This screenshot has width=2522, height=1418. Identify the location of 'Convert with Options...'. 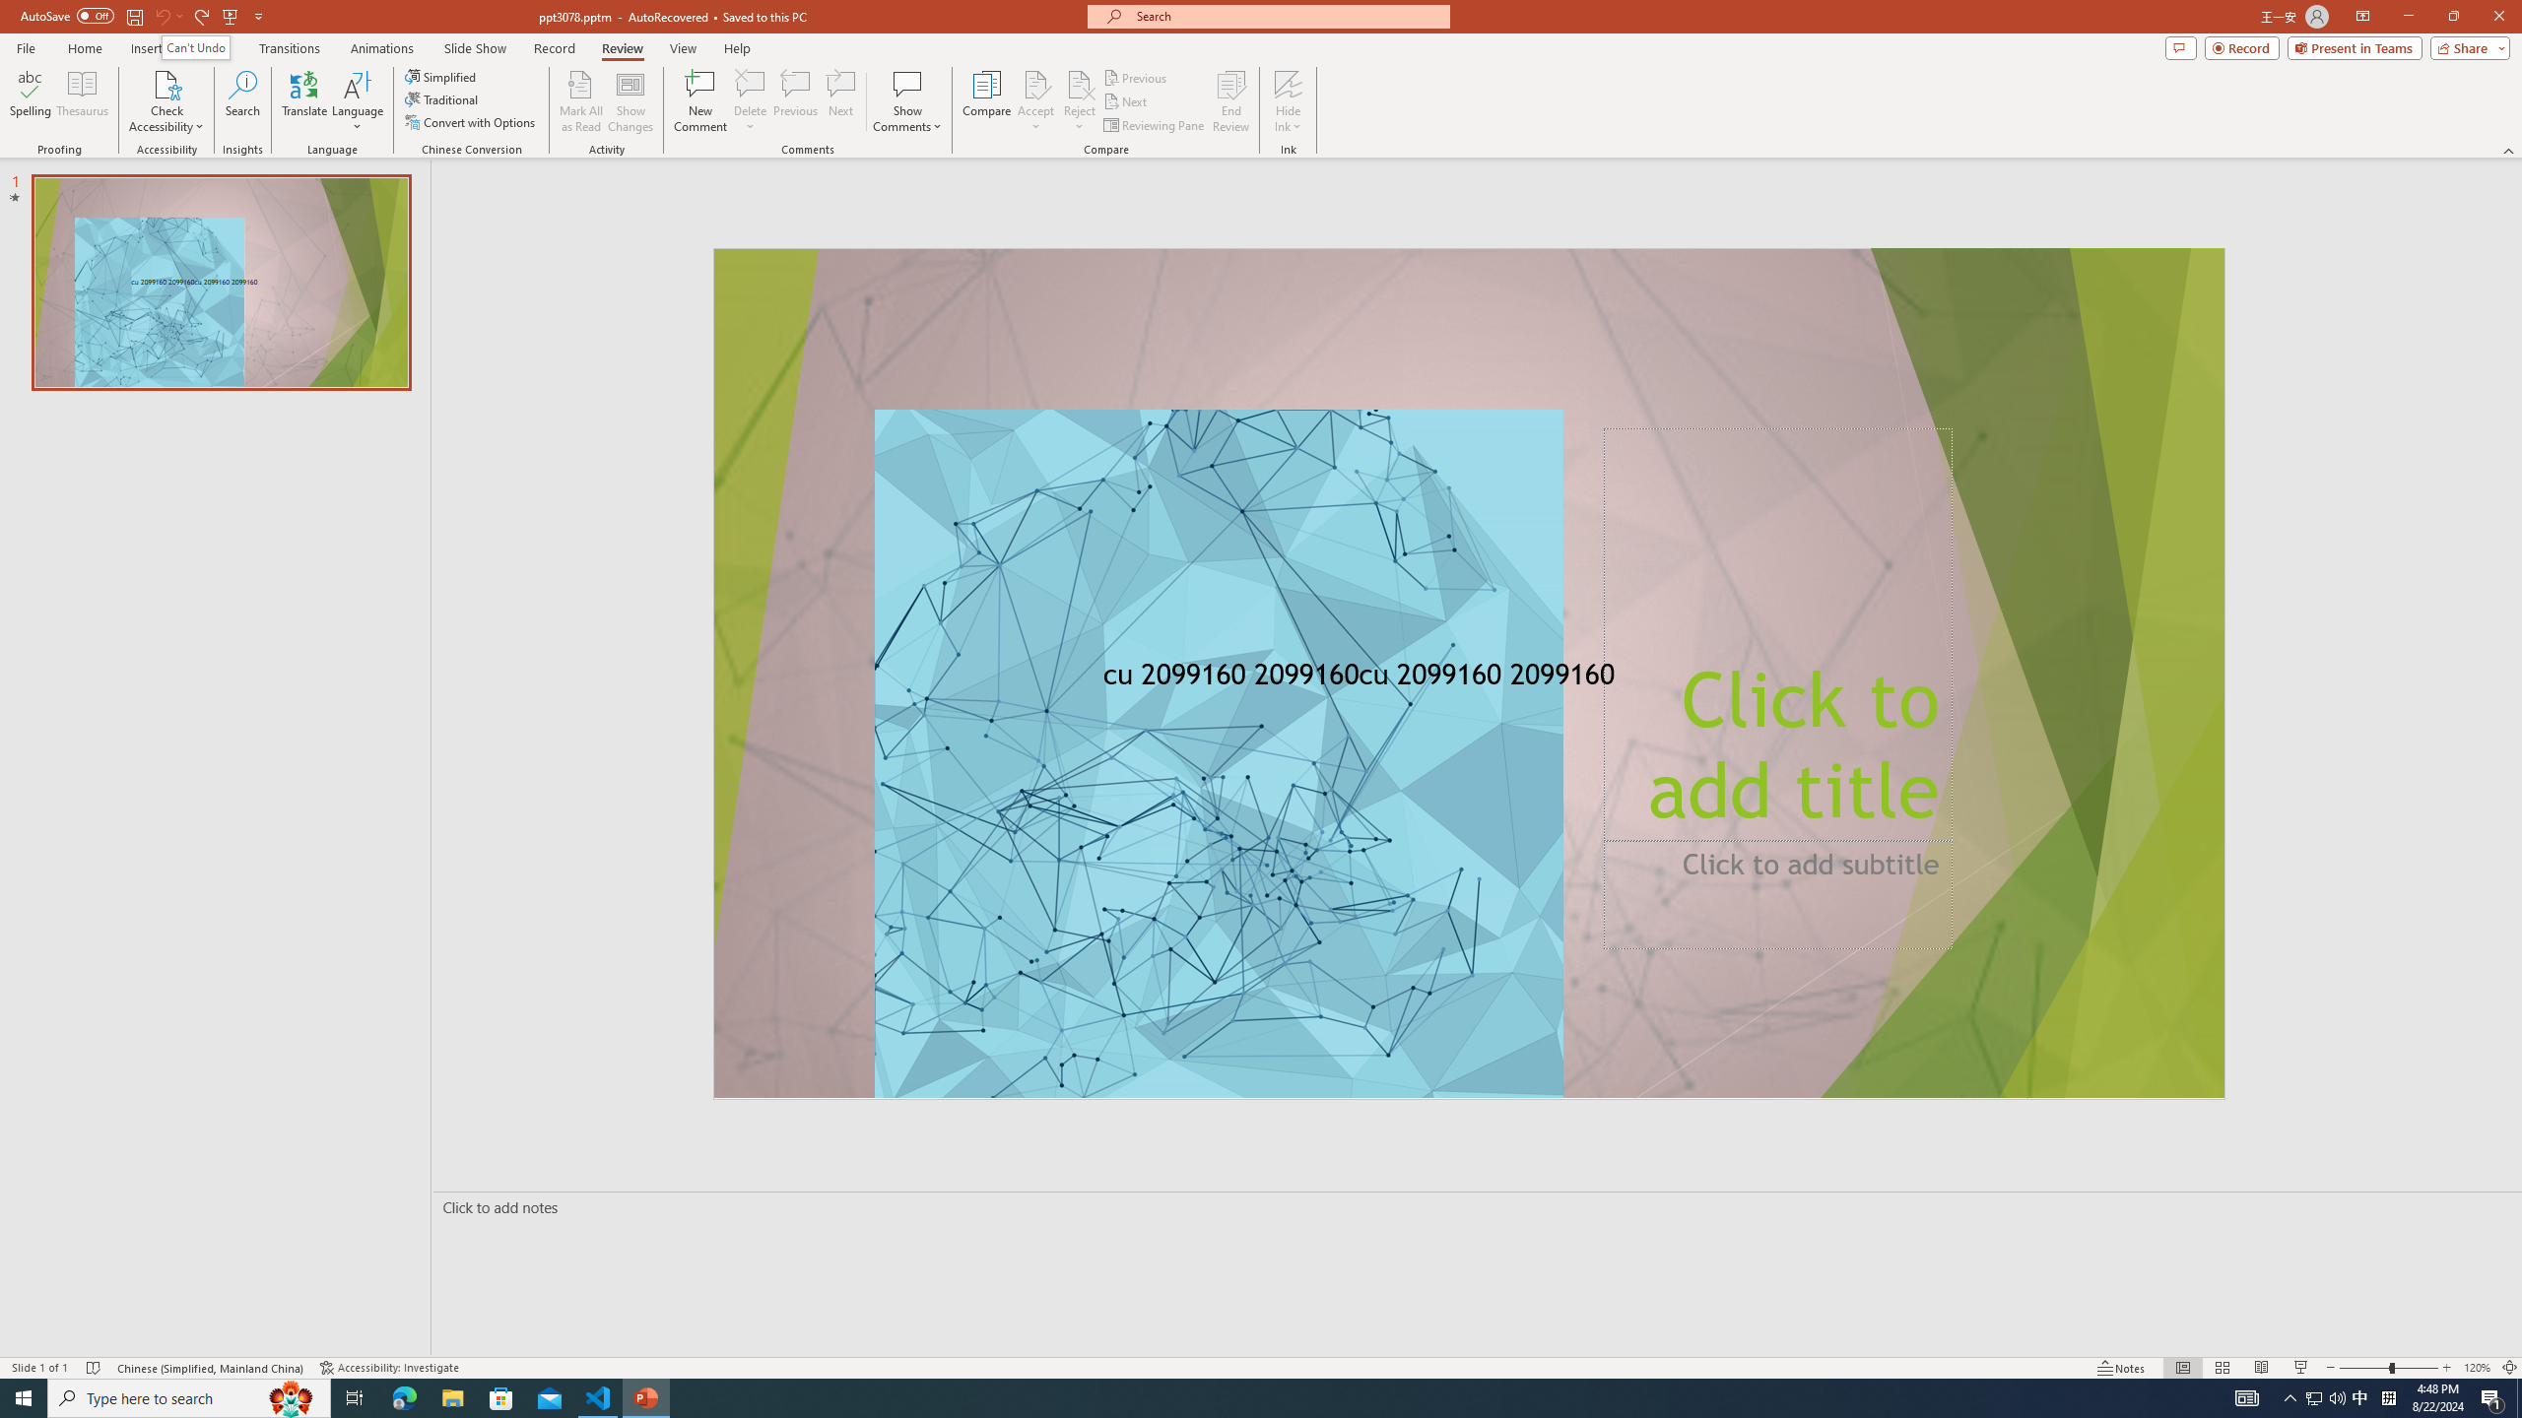
(470, 120).